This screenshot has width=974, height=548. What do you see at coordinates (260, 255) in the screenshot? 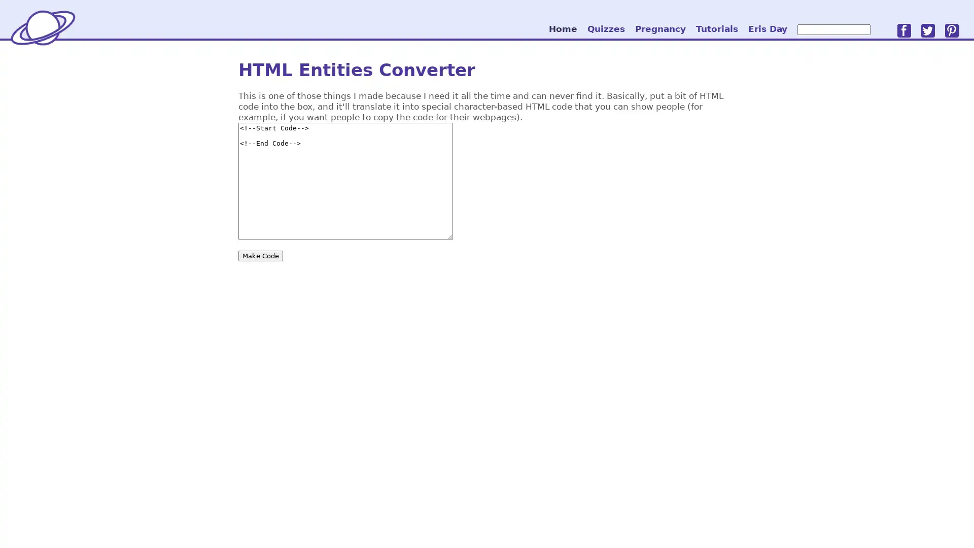
I see `Make Code` at bounding box center [260, 255].